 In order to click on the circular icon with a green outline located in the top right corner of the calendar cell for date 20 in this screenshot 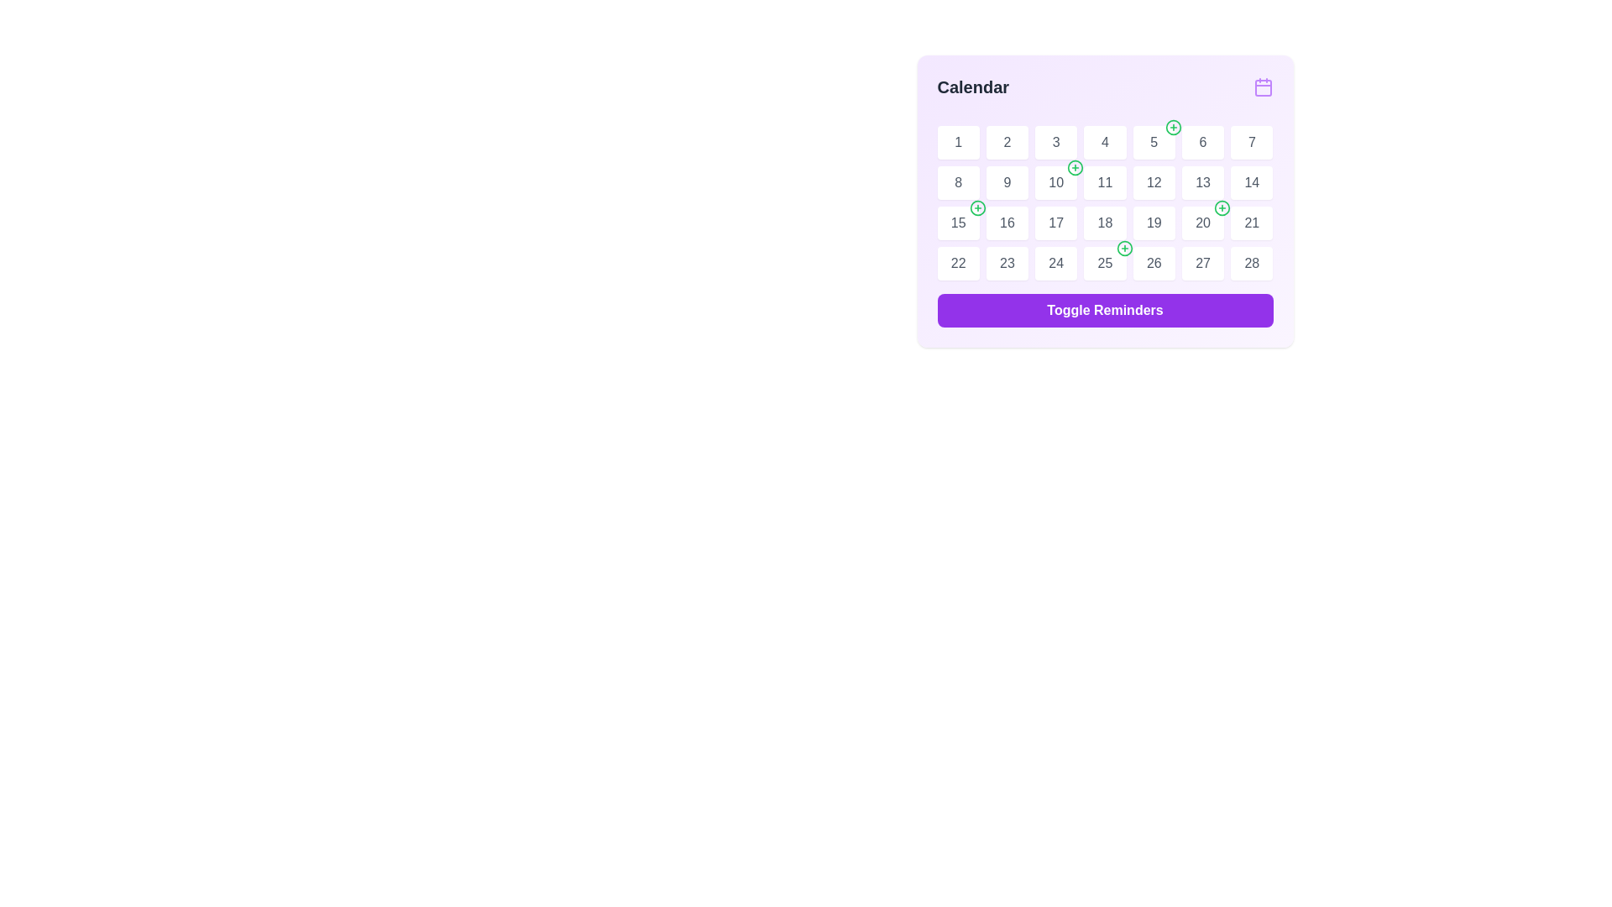, I will do `click(1222, 207)`.